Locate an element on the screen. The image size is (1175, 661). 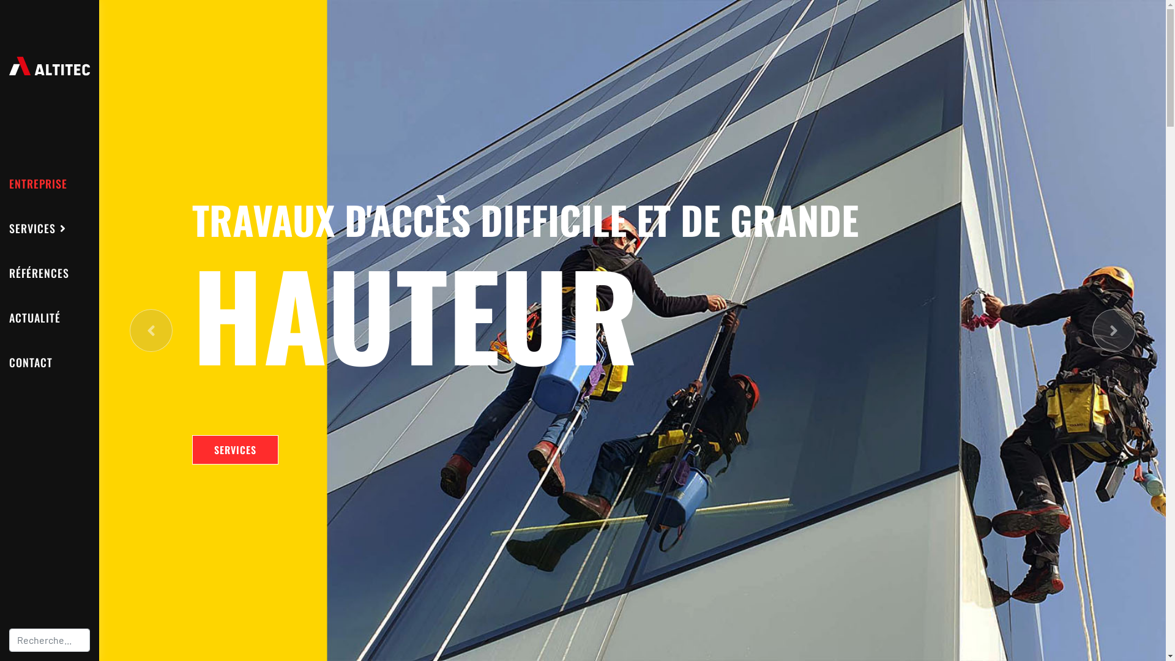
'ENTREPRISE' is located at coordinates (9, 184).